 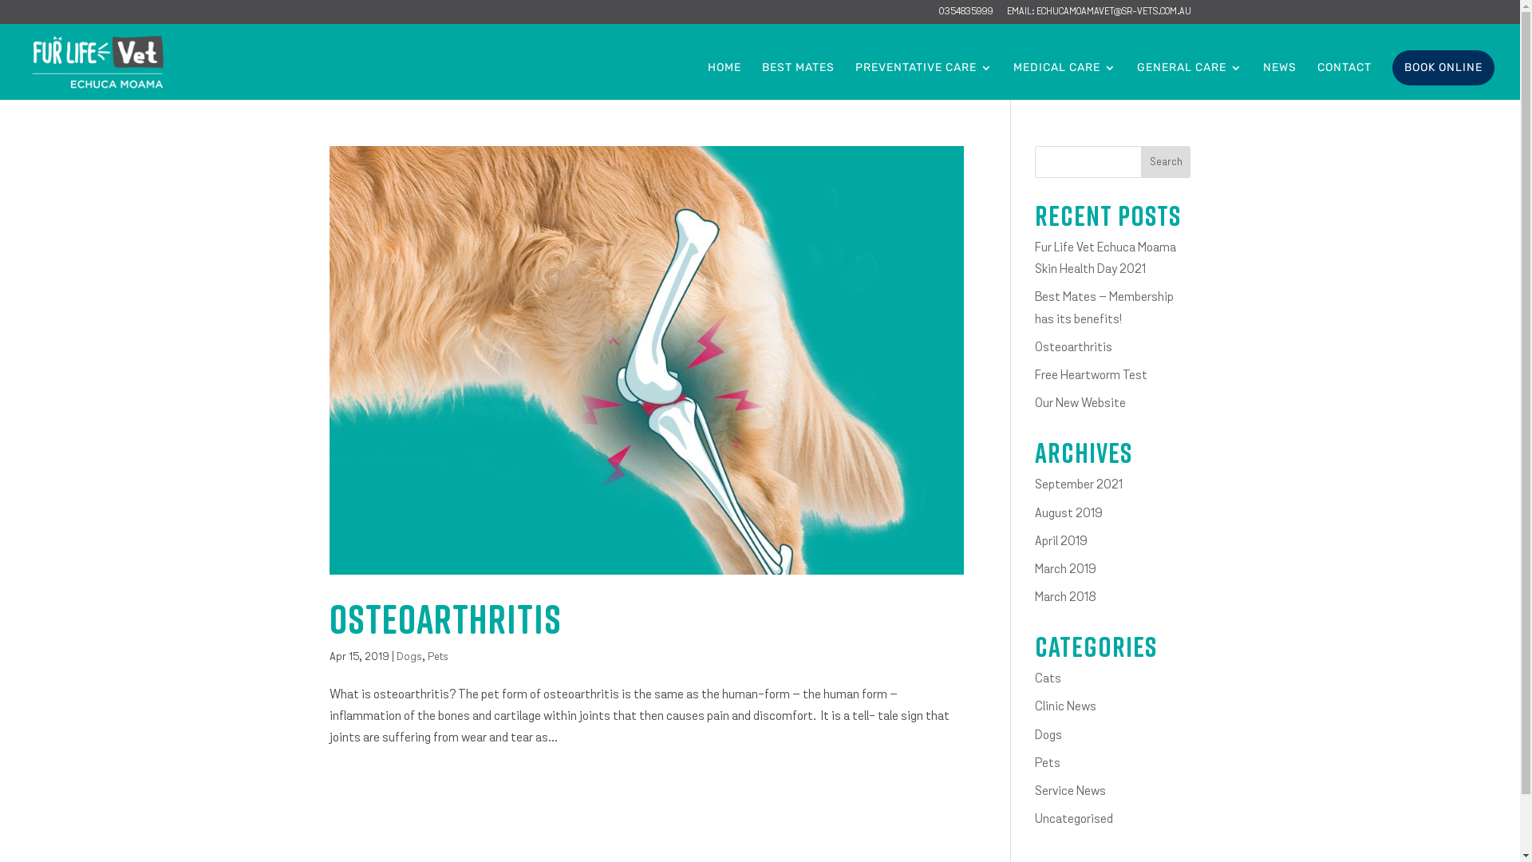 What do you see at coordinates (1098, 15) in the screenshot?
I see `'EMAIL: ECHUCAMOAMAVET@SR-VETS.COM.AU'` at bounding box center [1098, 15].